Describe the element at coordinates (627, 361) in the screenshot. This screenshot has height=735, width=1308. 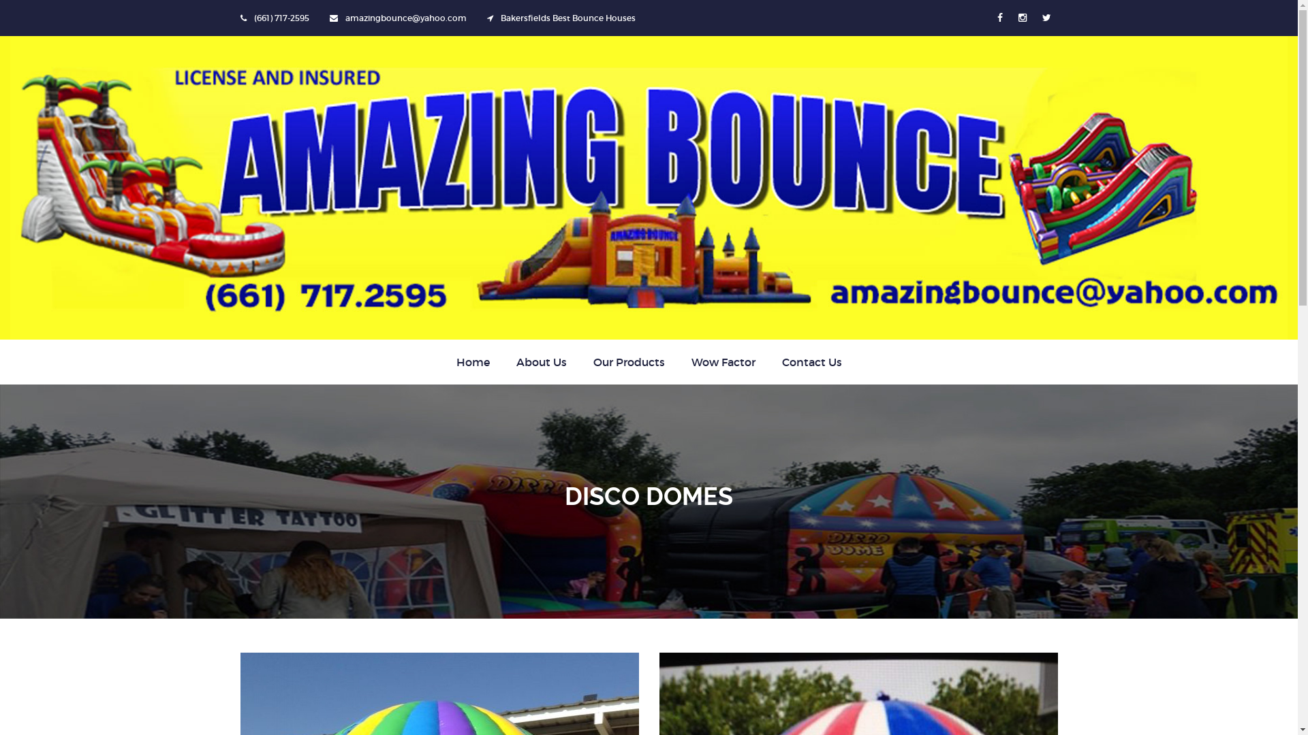
I see `'Our Products'` at that location.